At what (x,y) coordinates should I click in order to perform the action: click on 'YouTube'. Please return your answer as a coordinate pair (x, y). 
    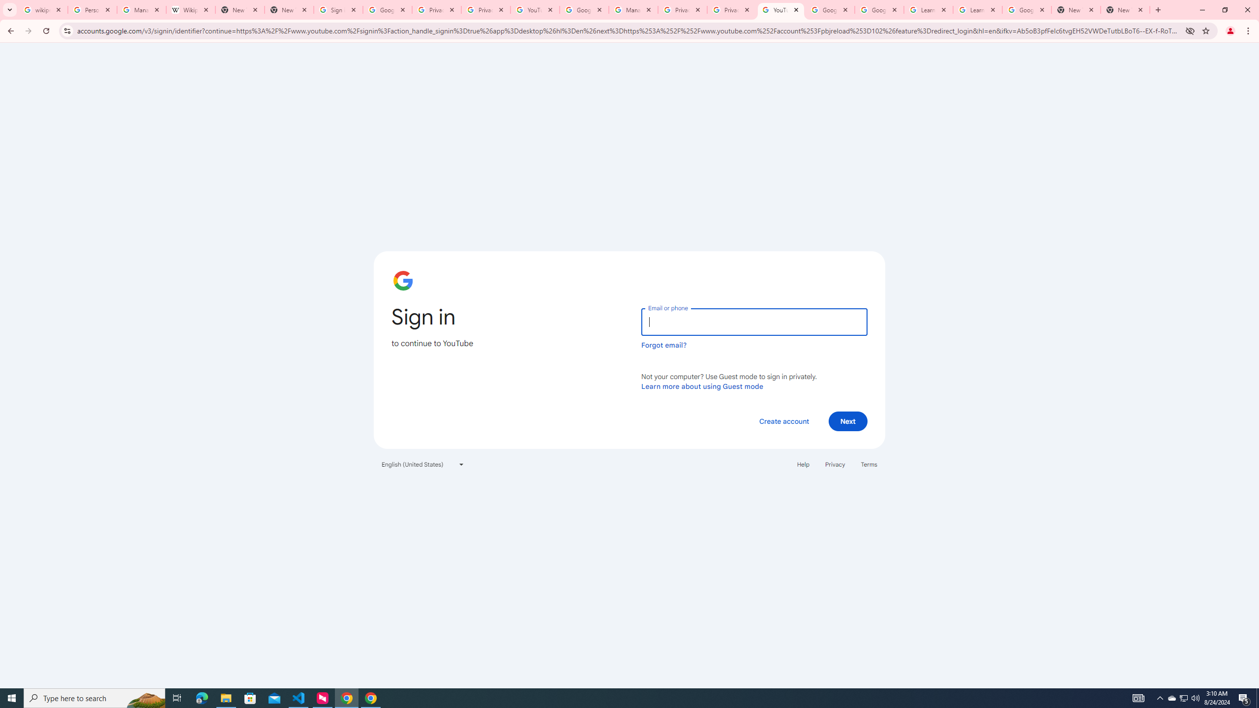
    Looking at the image, I should click on (535, 9).